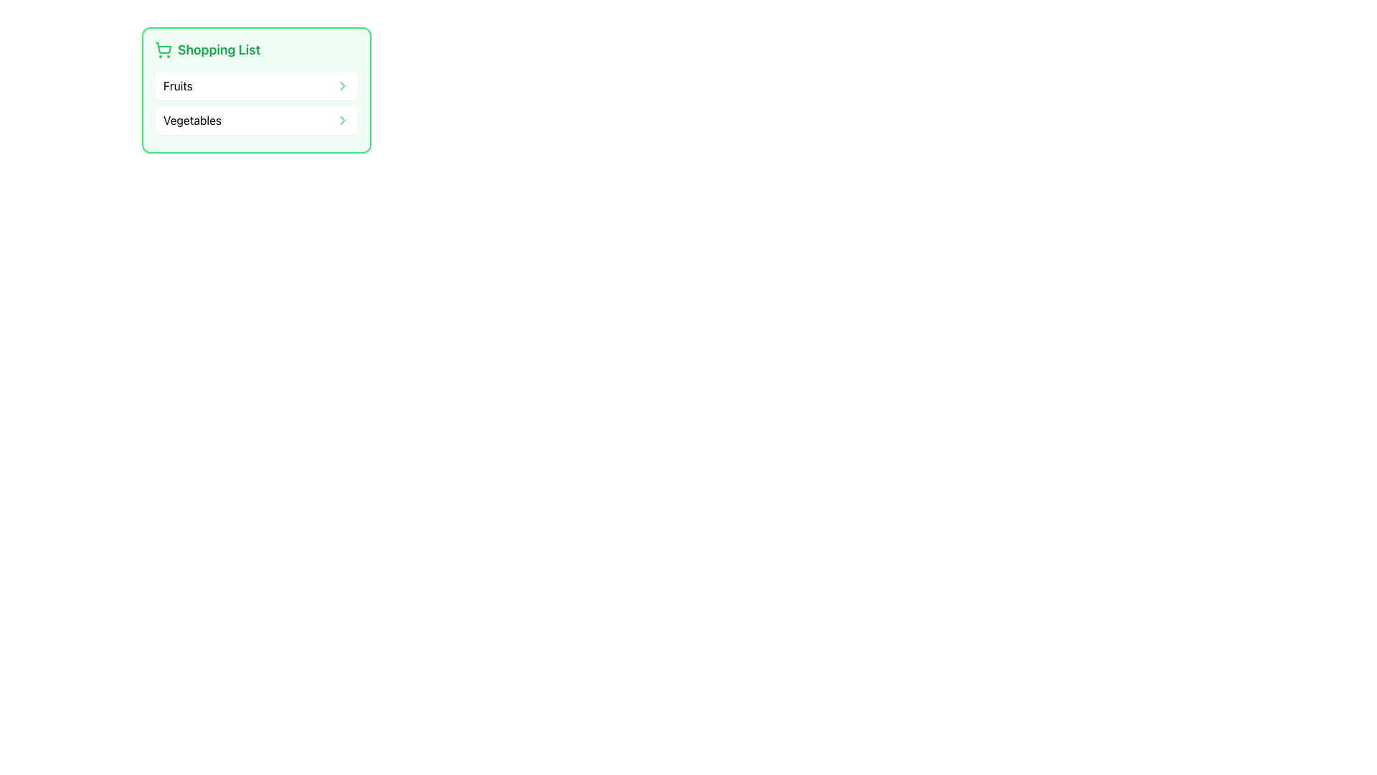  Describe the element at coordinates (342, 120) in the screenshot. I see `the navigation icon for 'Vegetables' located in the second row of the 'Shopping List' card` at that location.